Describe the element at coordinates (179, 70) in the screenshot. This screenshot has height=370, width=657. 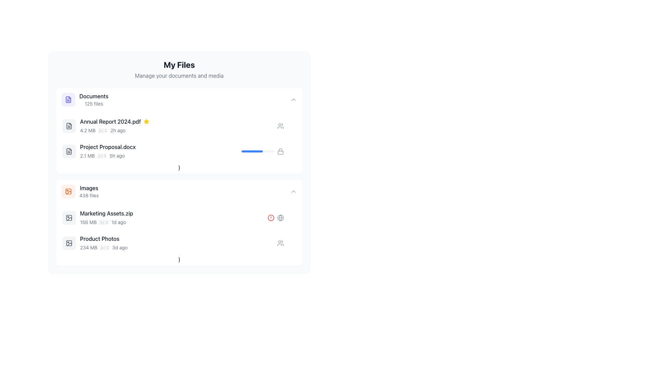
I see `header text 'My Files' and its subtext 'Manage your documents and media' to understand the purpose of this section, which is the first visible element in the content area` at that location.